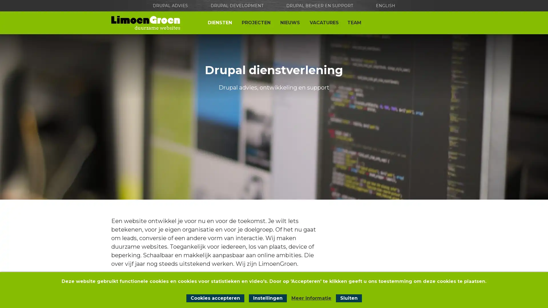  What do you see at coordinates (267, 298) in the screenshot?
I see `Instellingen` at bounding box center [267, 298].